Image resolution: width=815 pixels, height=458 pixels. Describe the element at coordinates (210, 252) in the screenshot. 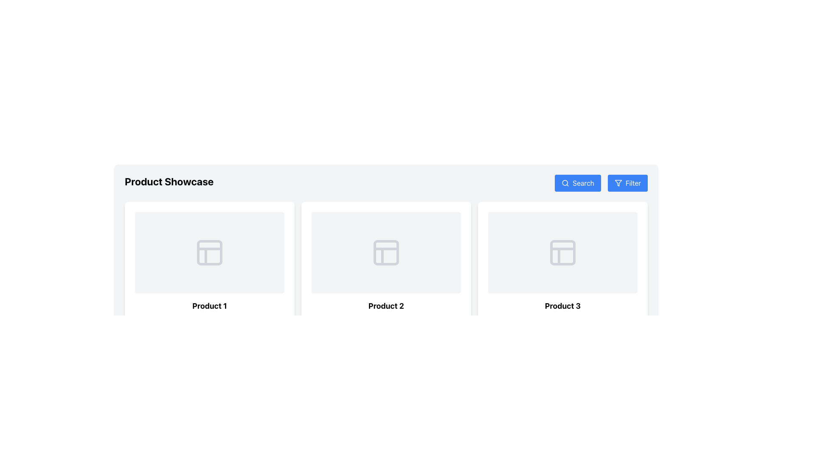

I see `the icon representing 'Product 1' in the first column of the 'Product Showcase' section` at that location.